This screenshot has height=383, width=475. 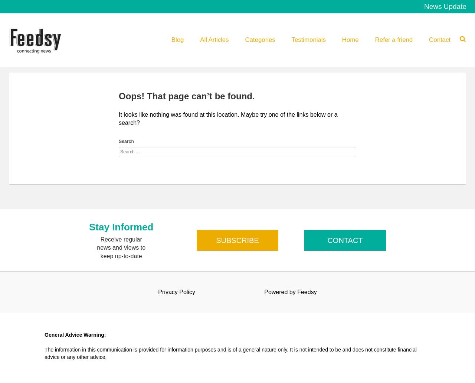 I want to click on 'Powered by Feedsy', so click(x=290, y=291).